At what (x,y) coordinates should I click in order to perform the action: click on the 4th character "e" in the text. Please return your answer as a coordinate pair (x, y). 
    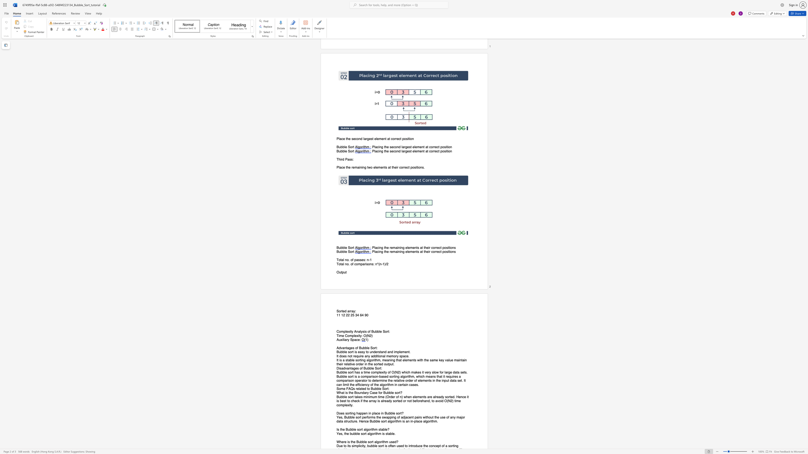
    Looking at the image, I should click on (401, 352).